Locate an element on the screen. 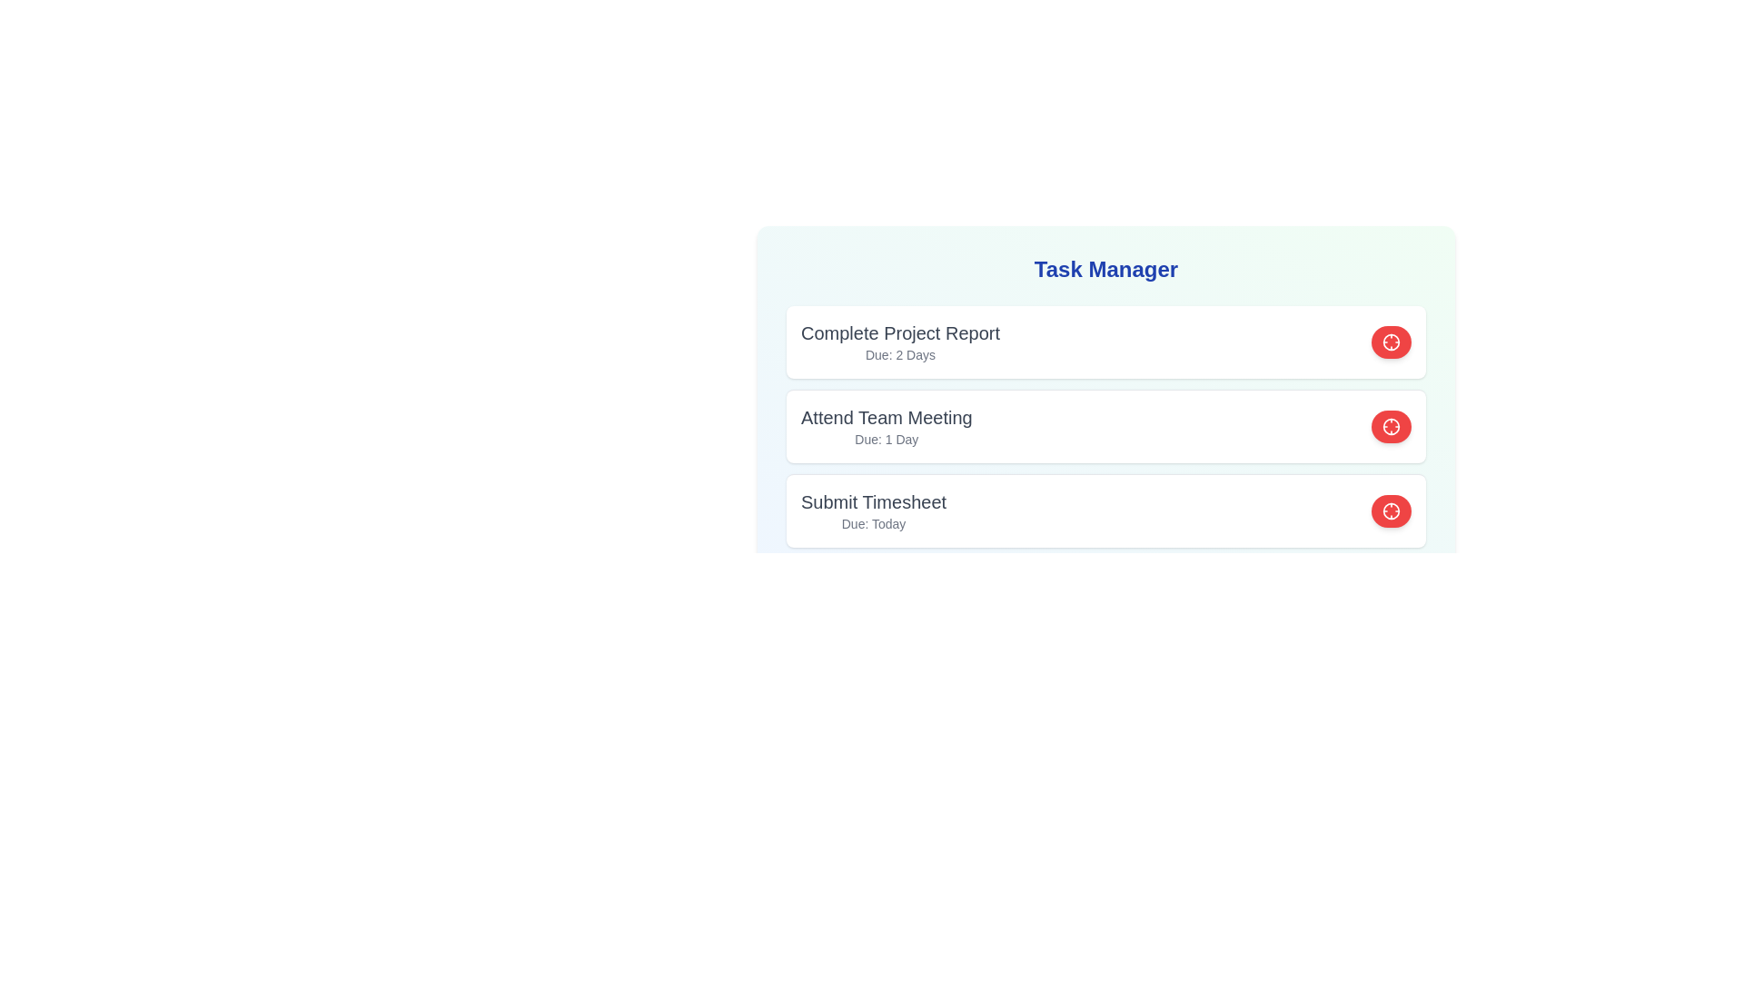 The image size is (1744, 981). the title text label in the Task Manager section is located at coordinates (887, 417).